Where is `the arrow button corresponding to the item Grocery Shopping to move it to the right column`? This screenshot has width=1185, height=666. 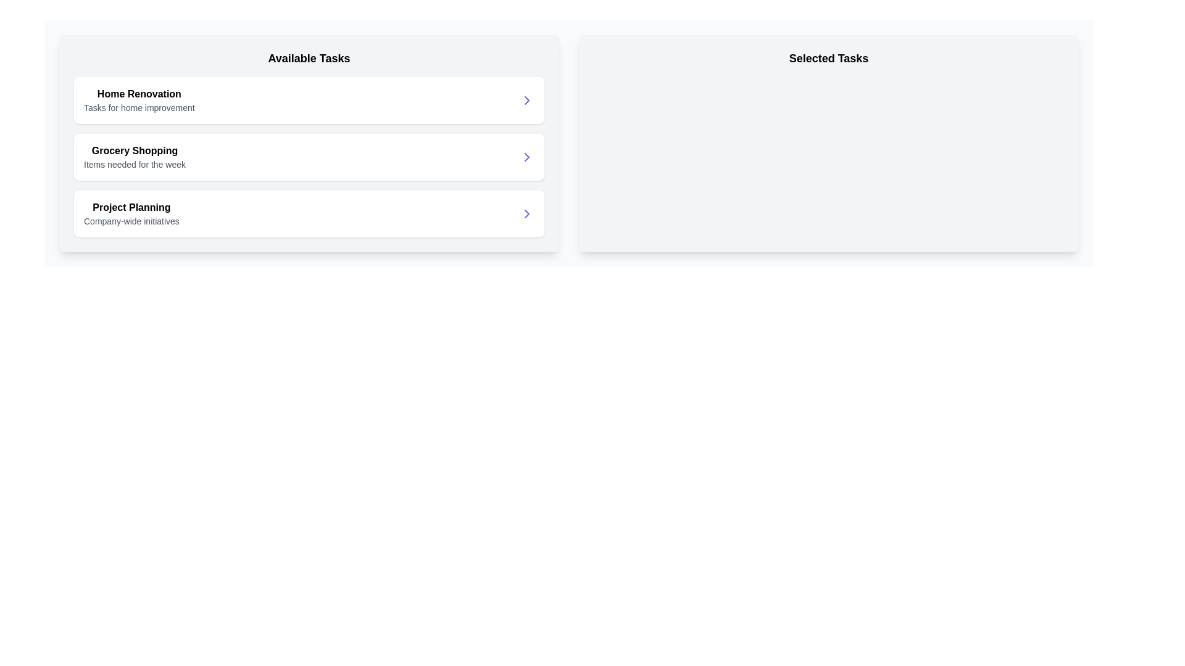
the arrow button corresponding to the item Grocery Shopping to move it to the right column is located at coordinates (527, 156).